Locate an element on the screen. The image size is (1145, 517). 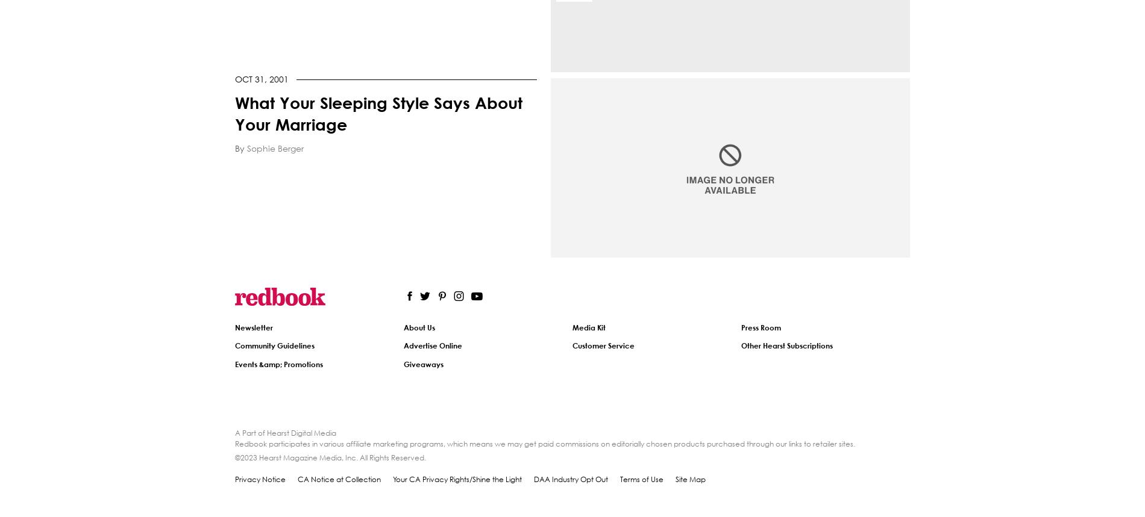
'Privacy Notice' is located at coordinates (260, 478).